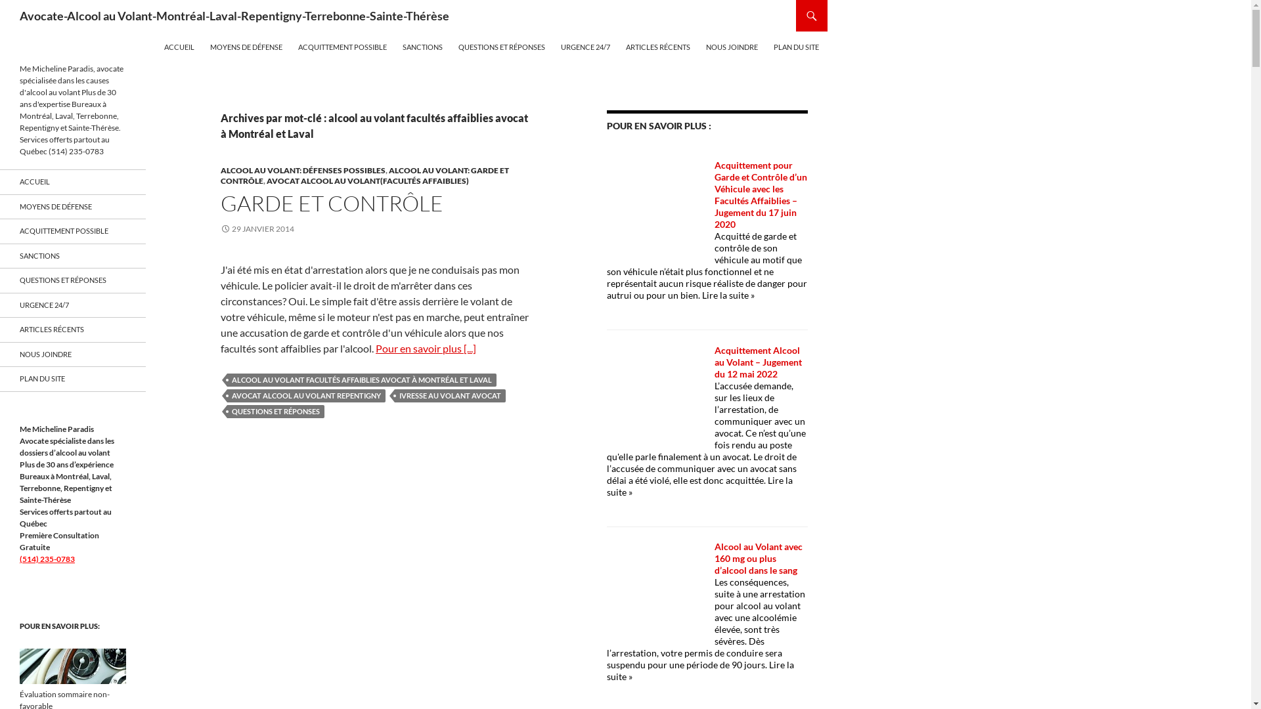  Describe the element at coordinates (164, 31) in the screenshot. I see `'ALLER AU CONTENU'` at that location.